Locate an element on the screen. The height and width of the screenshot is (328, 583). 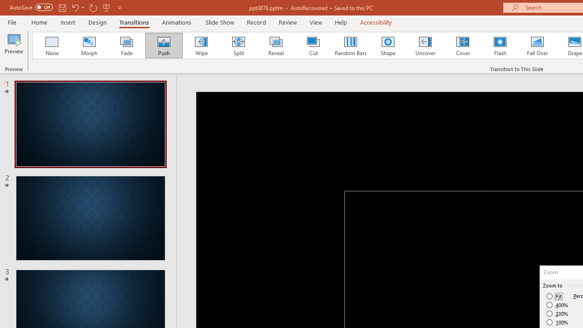
'Fit' is located at coordinates (554, 296).